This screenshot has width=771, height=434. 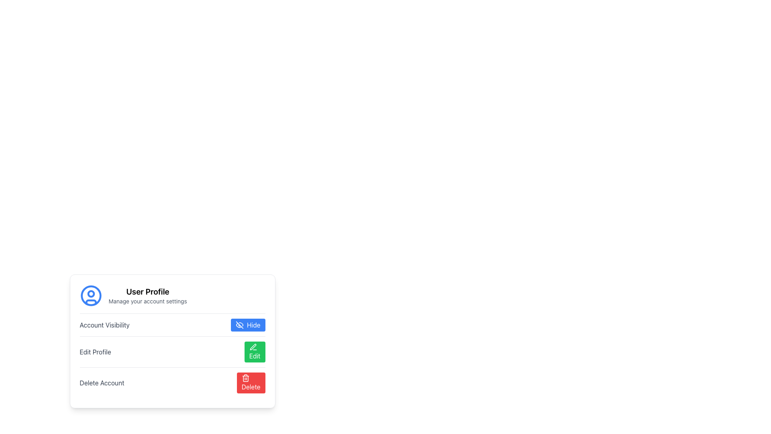 What do you see at coordinates (253, 347) in the screenshot?
I see `the editing icon located on the left side of the 'Edit' text within the green 'Edit' button in the User Profile panel` at bounding box center [253, 347].